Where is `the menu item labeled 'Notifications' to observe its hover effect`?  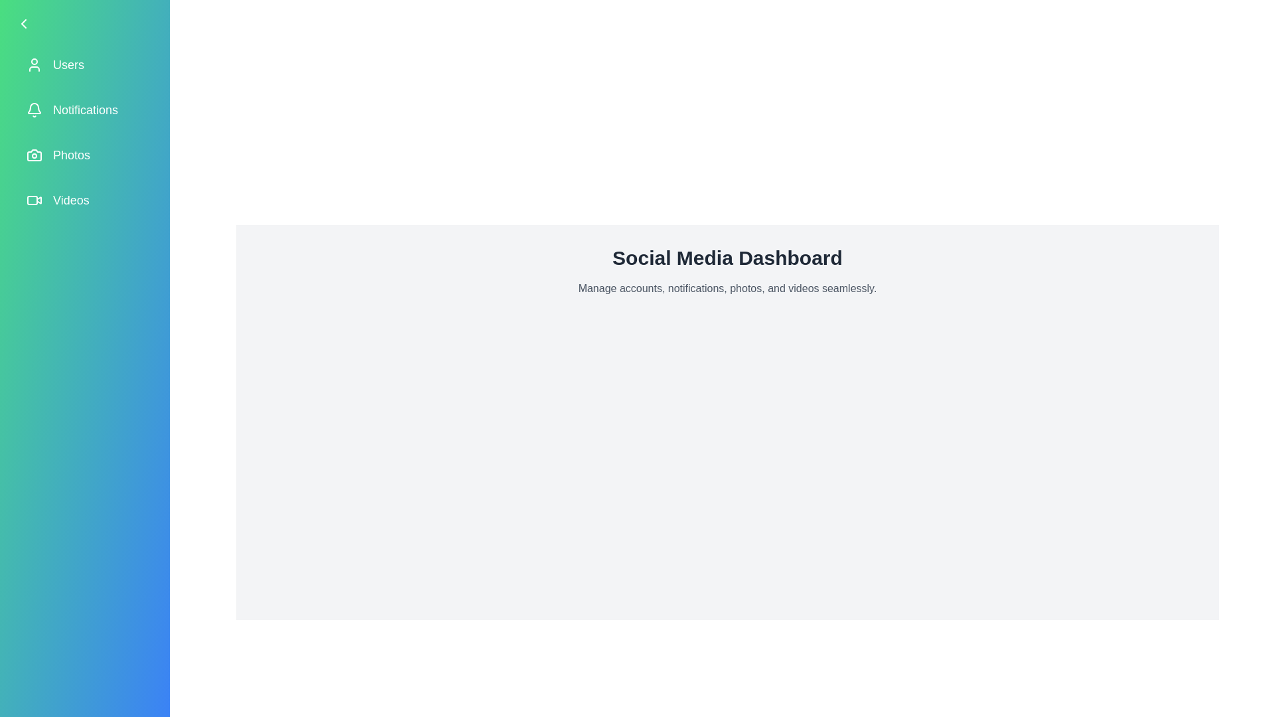 the menu item labeled 'Notifications' to observe its hover effect is located at coordinates (84, 109).